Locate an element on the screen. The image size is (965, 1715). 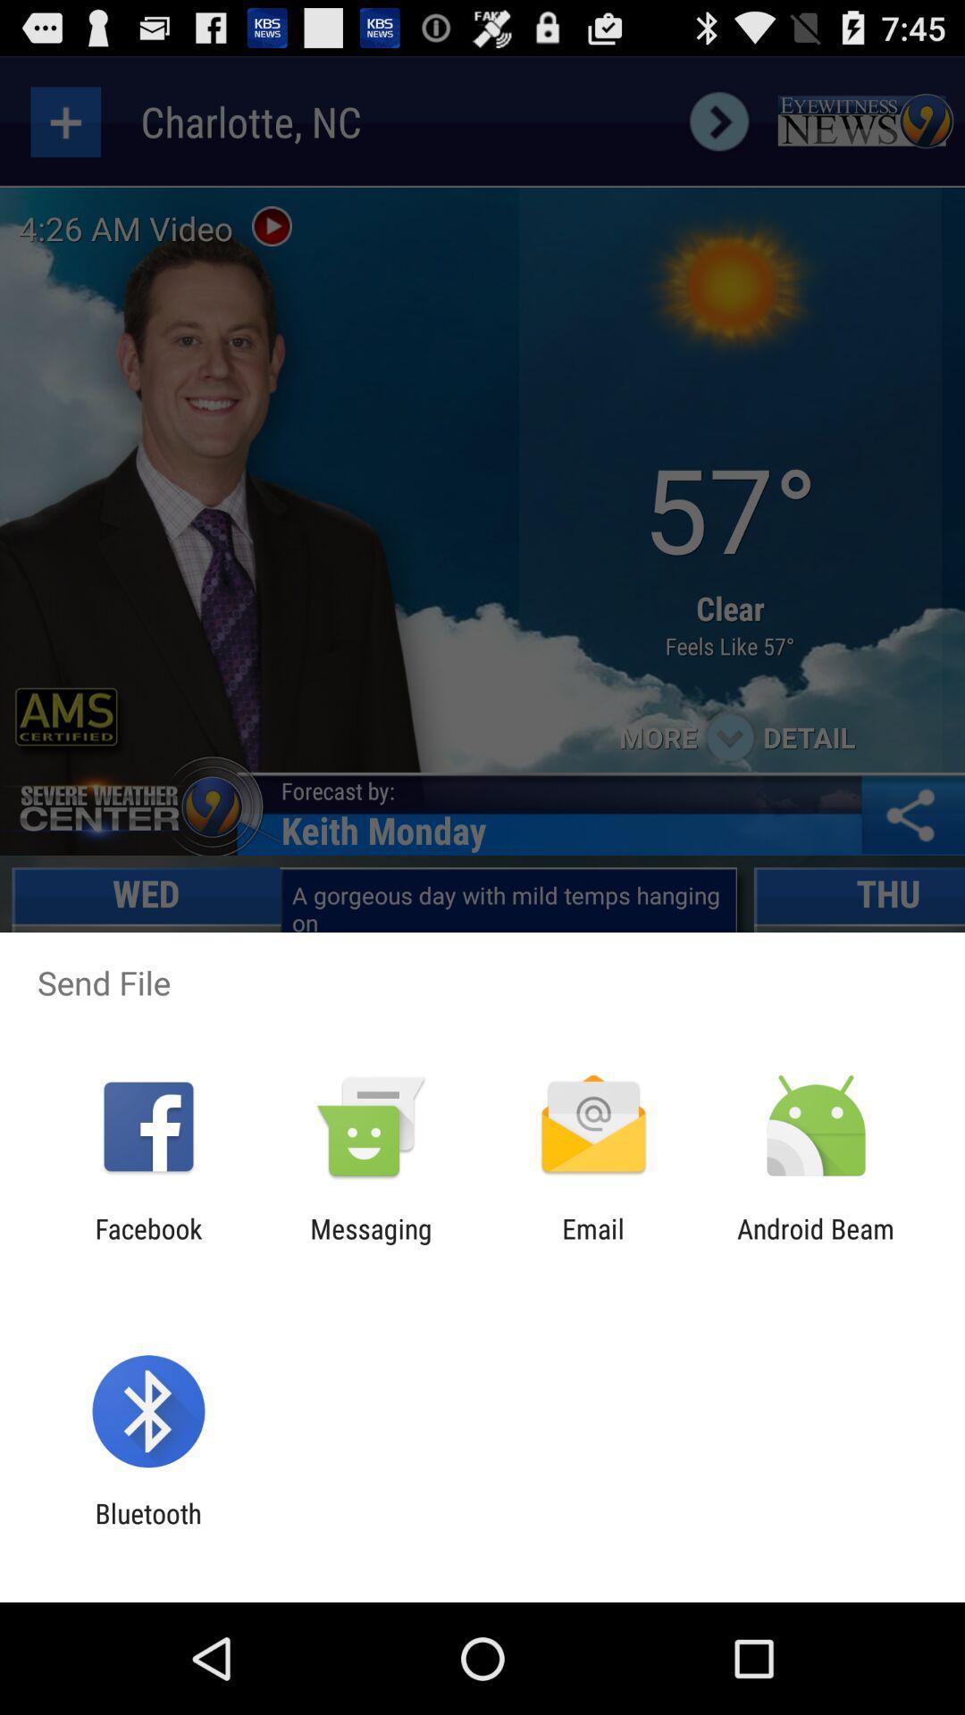
the item next to email is located at coordinates (816, 1243).